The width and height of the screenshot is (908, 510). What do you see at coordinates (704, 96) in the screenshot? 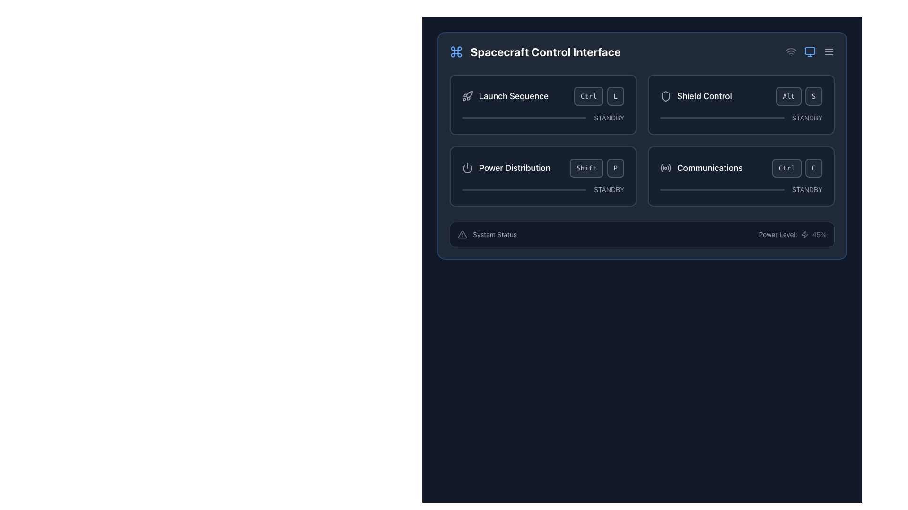
I see `the 'Shield Control' text label, which is visually prominent in white font against a dark background and located on the right-hand side of the interface, next to a shield icon` at bounding box center [704, 96].